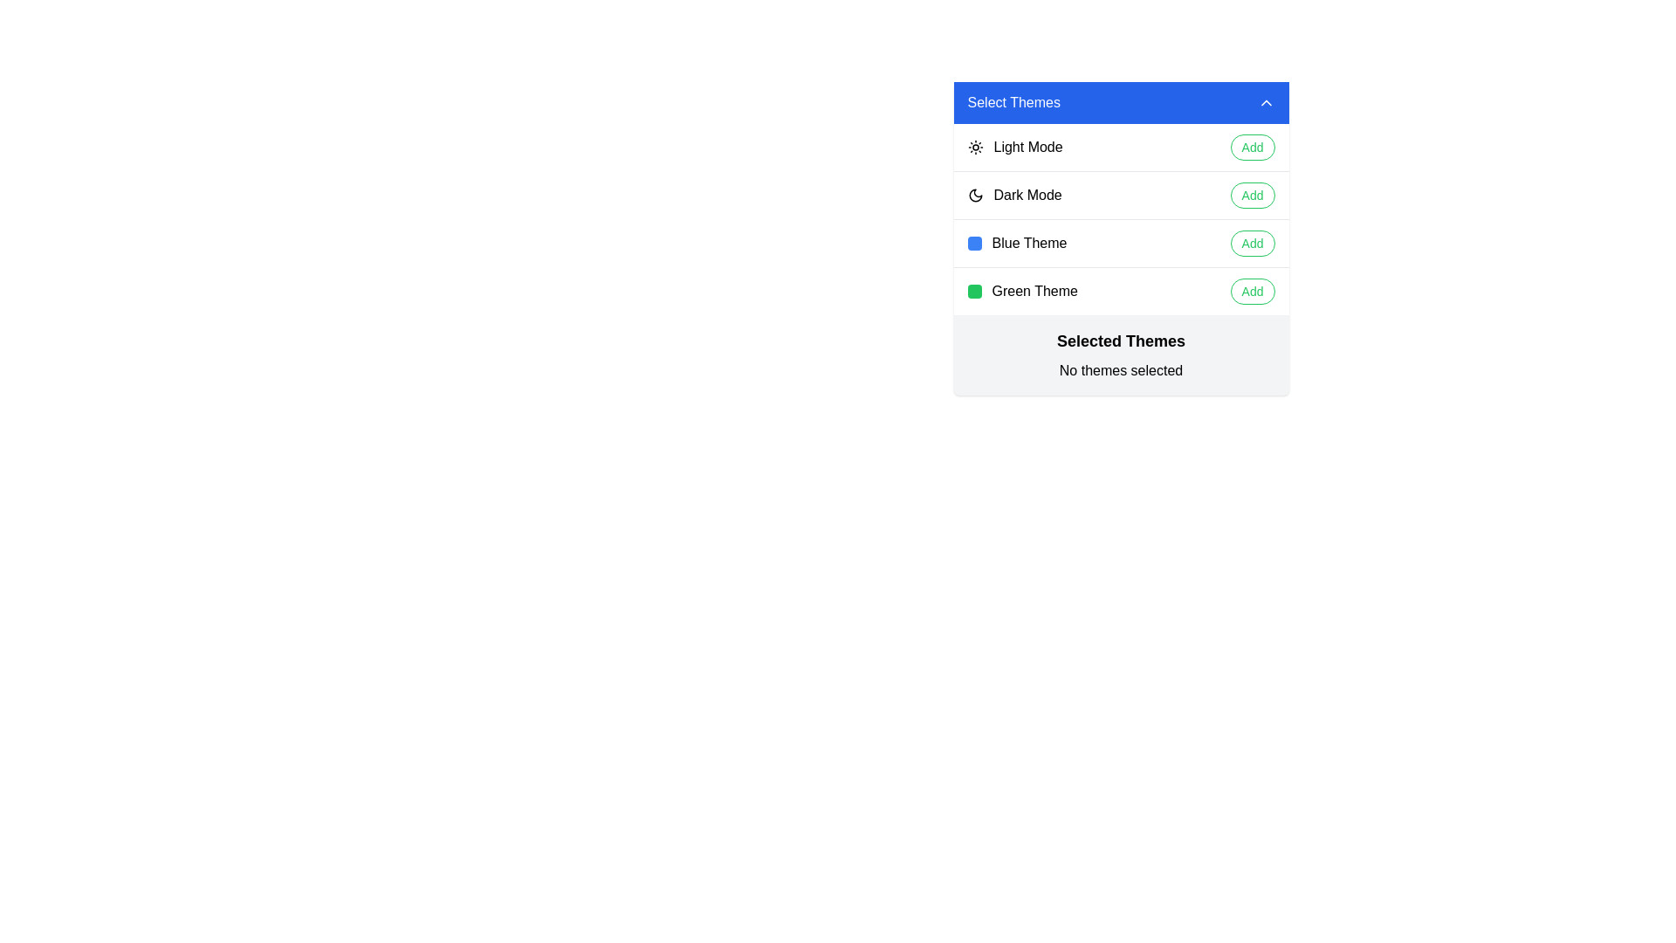  What do you see at coordinates (974, 147) in the screenshot?
I see `the 'Light Mode' theme icon, which is located to the left of the 'Light Mode' text at the top of the options under 'Select Themes'` at bounding box center [974, 147].